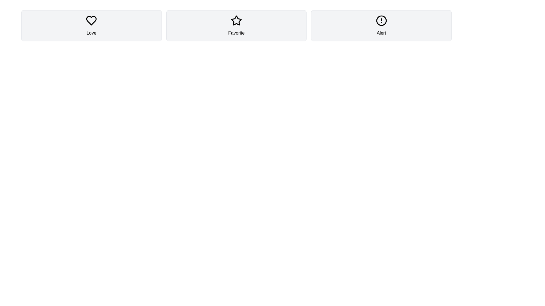  I want to click on the star-shaped icon with a black outline, so click(236, 20).